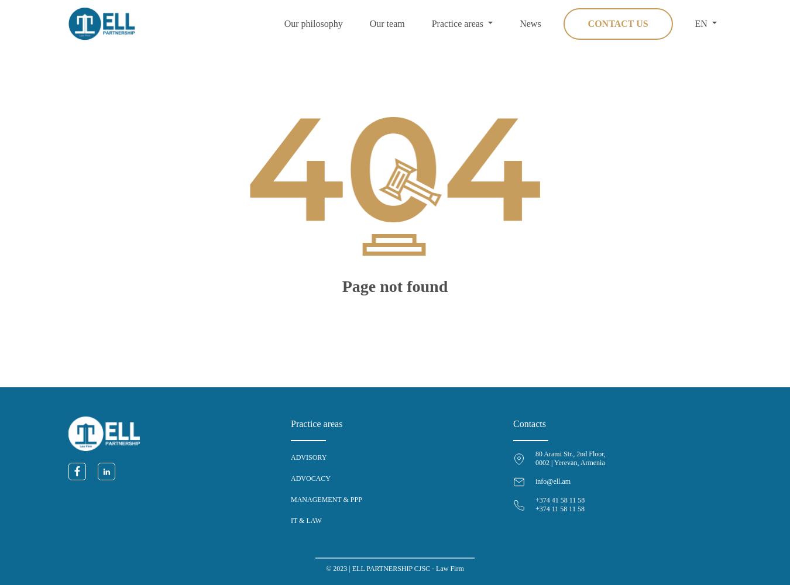 The height and width of the screenshot is (585, 790). I want to click on 'Contact us', so click(586, 23).